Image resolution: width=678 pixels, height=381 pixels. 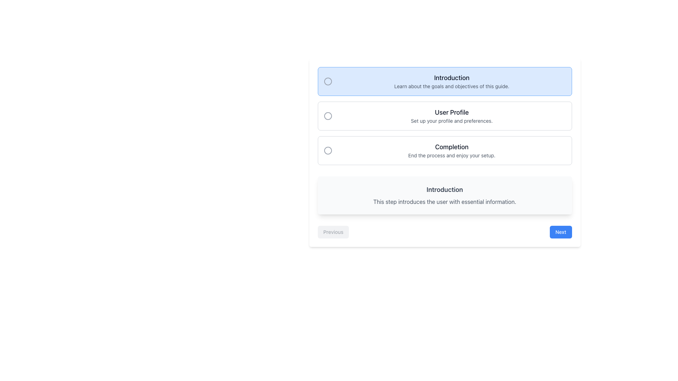 What do you see at coordinates (451, 81) in the screenshot?
I see `the 'Introduction' textual description block that contains the title and subtitle` at bounding box center [451, 81].